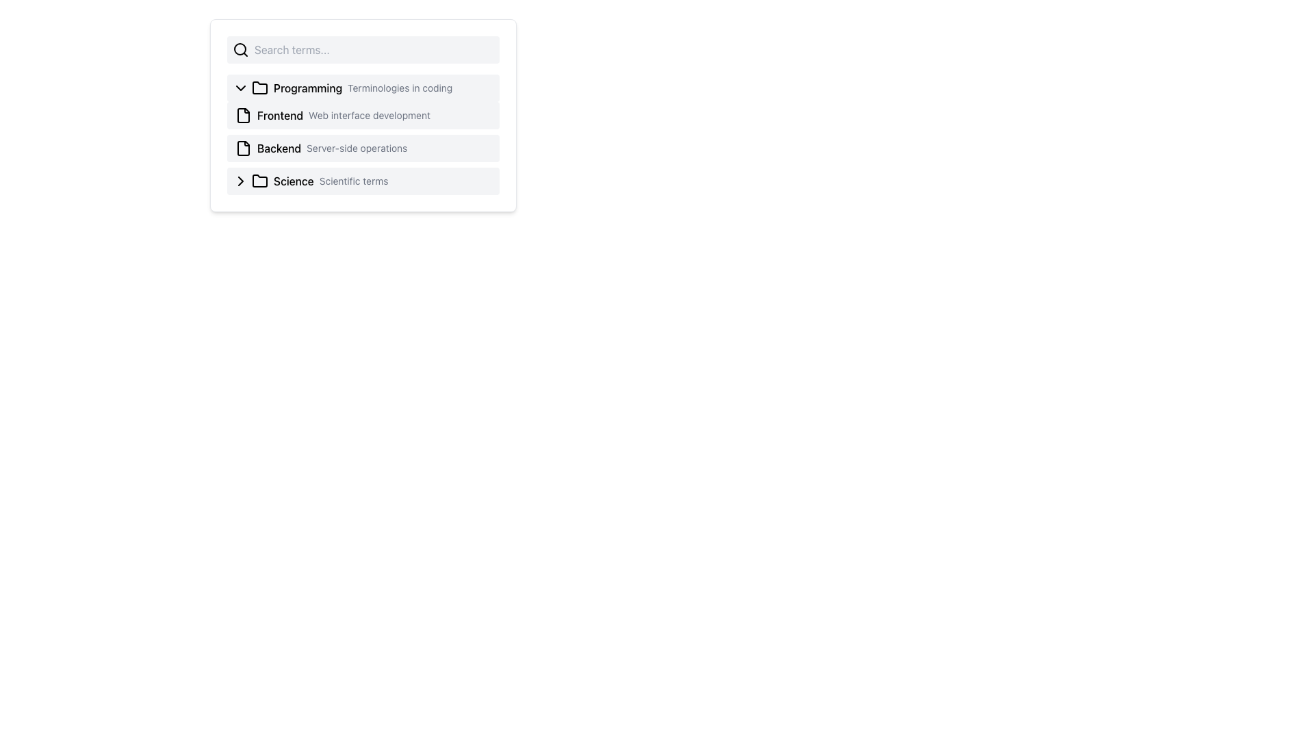 This screenshot has width=1314, height=739. What do you see at coordinates (240, 49) in the screenshot?
I see `the circular part of the magnifying glass icon, which is located at the far left of the search bar` at bounding box center [240, 49].